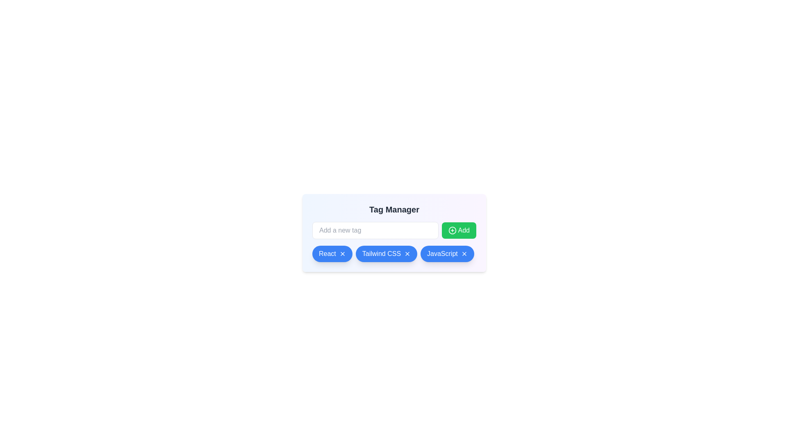  What do you see at coordinates (407, 253) in the screenshot?
I see `the tag with label Tailwind CSS by clicking its associated remove button` at bounding box center [407, 253].